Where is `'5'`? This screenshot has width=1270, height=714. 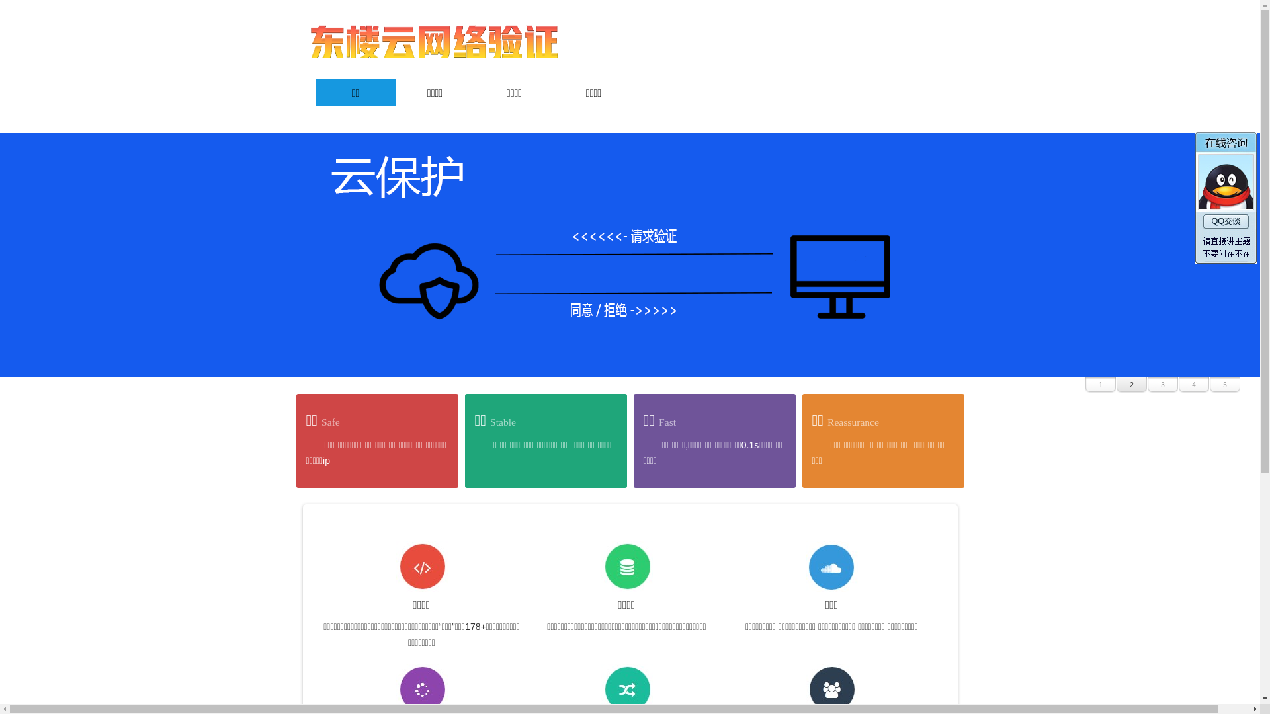
'5' is located at coordinates (1224, 385).